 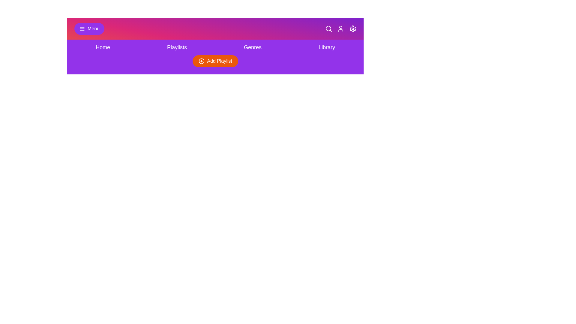 I want to click on the navigation link corresponding to Genres to navigate to that section, so click(x=253, y=47).